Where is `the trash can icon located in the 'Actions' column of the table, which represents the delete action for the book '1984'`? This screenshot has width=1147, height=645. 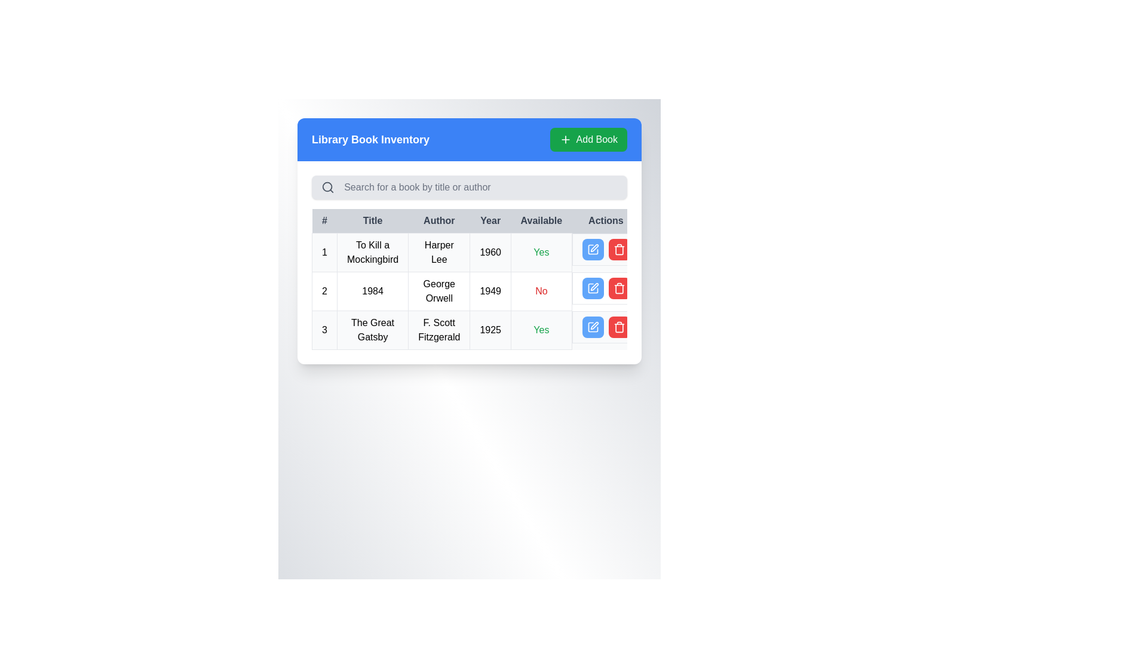 the trash can icon located in the 'Actions' column of the table, which represents the delete action for the book '1984' is located at coordinates (619, 289).